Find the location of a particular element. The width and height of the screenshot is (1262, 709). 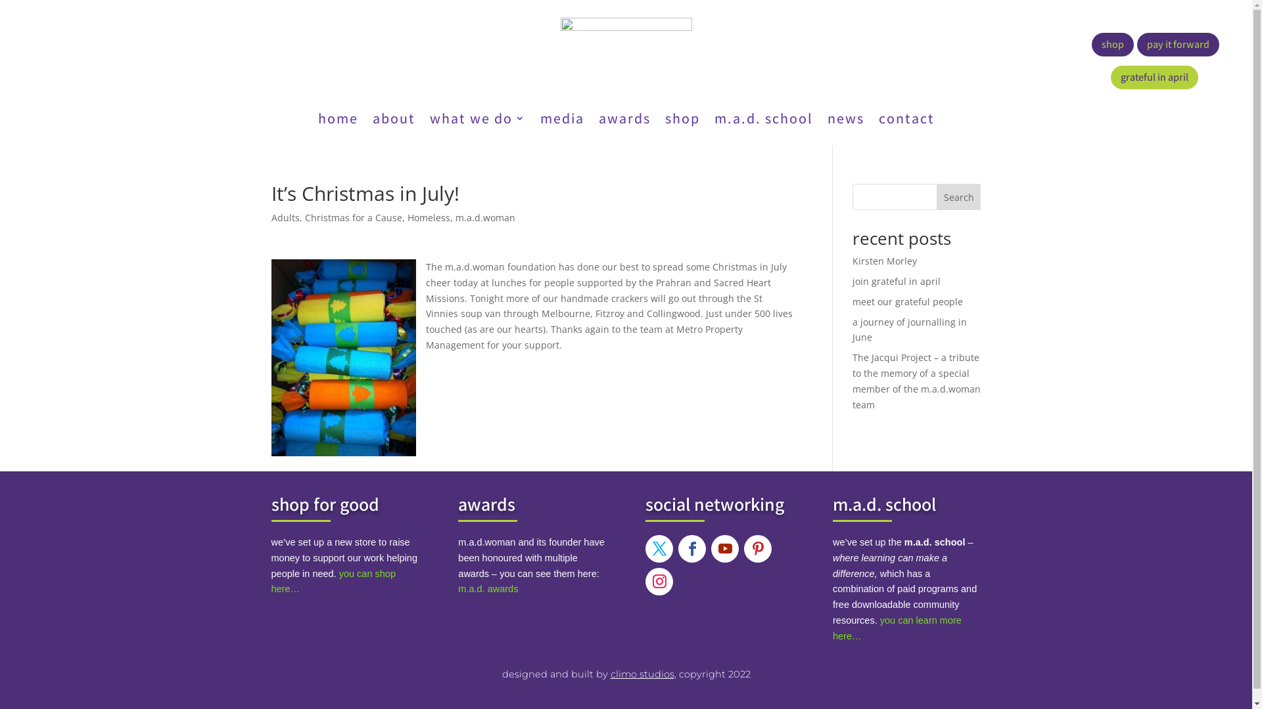

'home' is located at coordinates (318, 121).